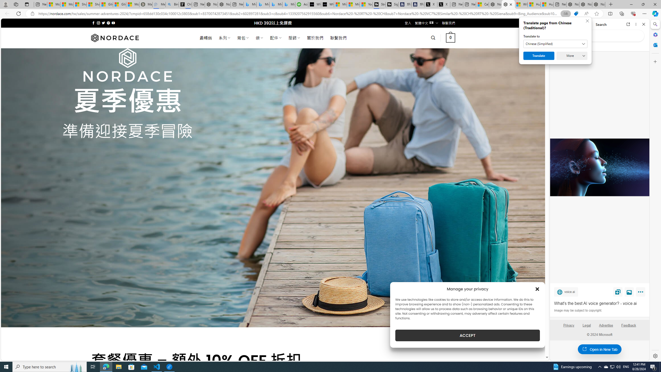 The width and height of the screenshot is (661, 372). What do you see at coordinates (103, 23) in the screenshot?
I see `'Follow on Twitter'` at bounding box center [103, 23].